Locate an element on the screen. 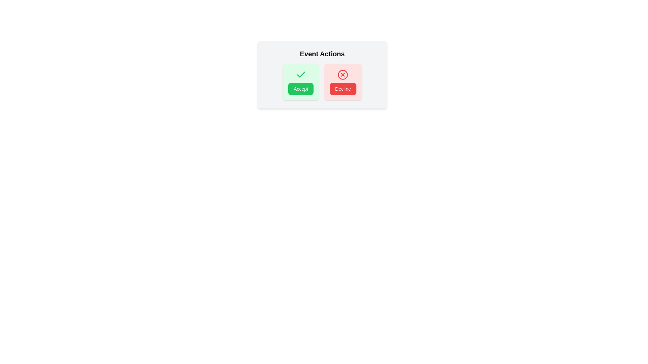  the 'Decline' icon, which visually represents the action of declining or rejecting, located at the center of the 'Decline' button in the bottom-right area of the dialog box is located at coordinates (343, 75).